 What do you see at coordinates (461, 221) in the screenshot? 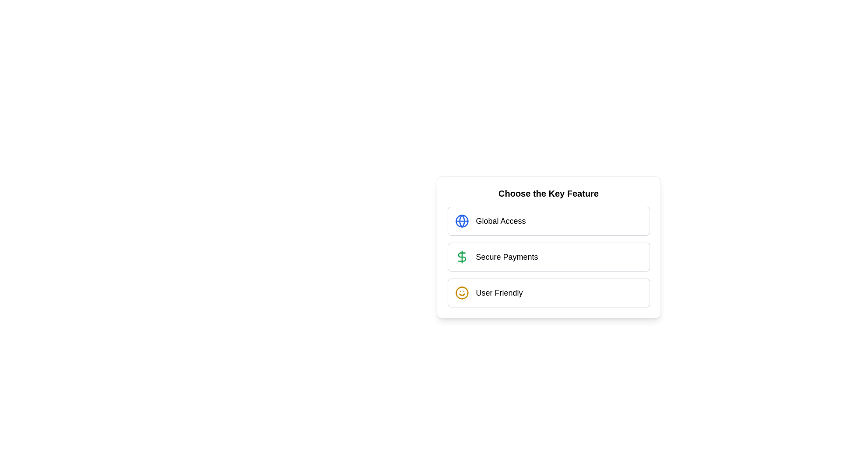
I see `the central circle of the globe icon representing the global access feature, located to the left of the 'Global Access' text label` at bounding box center [461, 221].